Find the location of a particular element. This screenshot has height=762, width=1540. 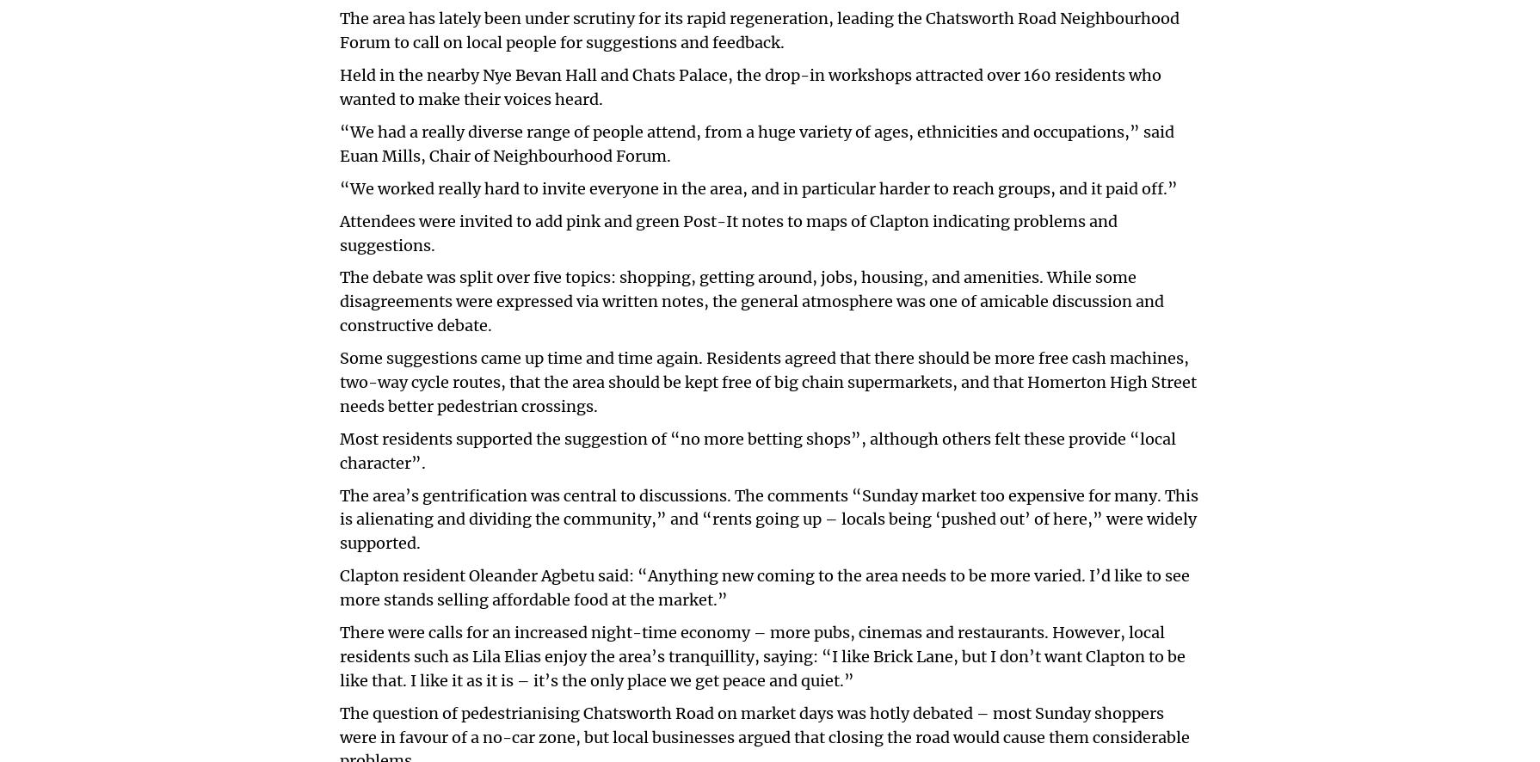

'Some suggestions came up time and time again. Residents agreed that there should be more free cash machines, two-way cycle routes, that the area should be kept free of big chain supermarkets, and that Homerton High Street needs better pedestrian crossings.' is located at coordinates (767, 381).